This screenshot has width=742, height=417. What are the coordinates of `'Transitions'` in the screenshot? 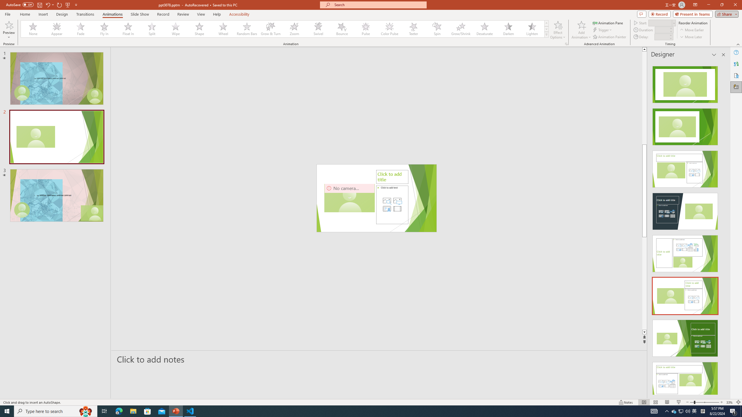 It's located at (85, 14).